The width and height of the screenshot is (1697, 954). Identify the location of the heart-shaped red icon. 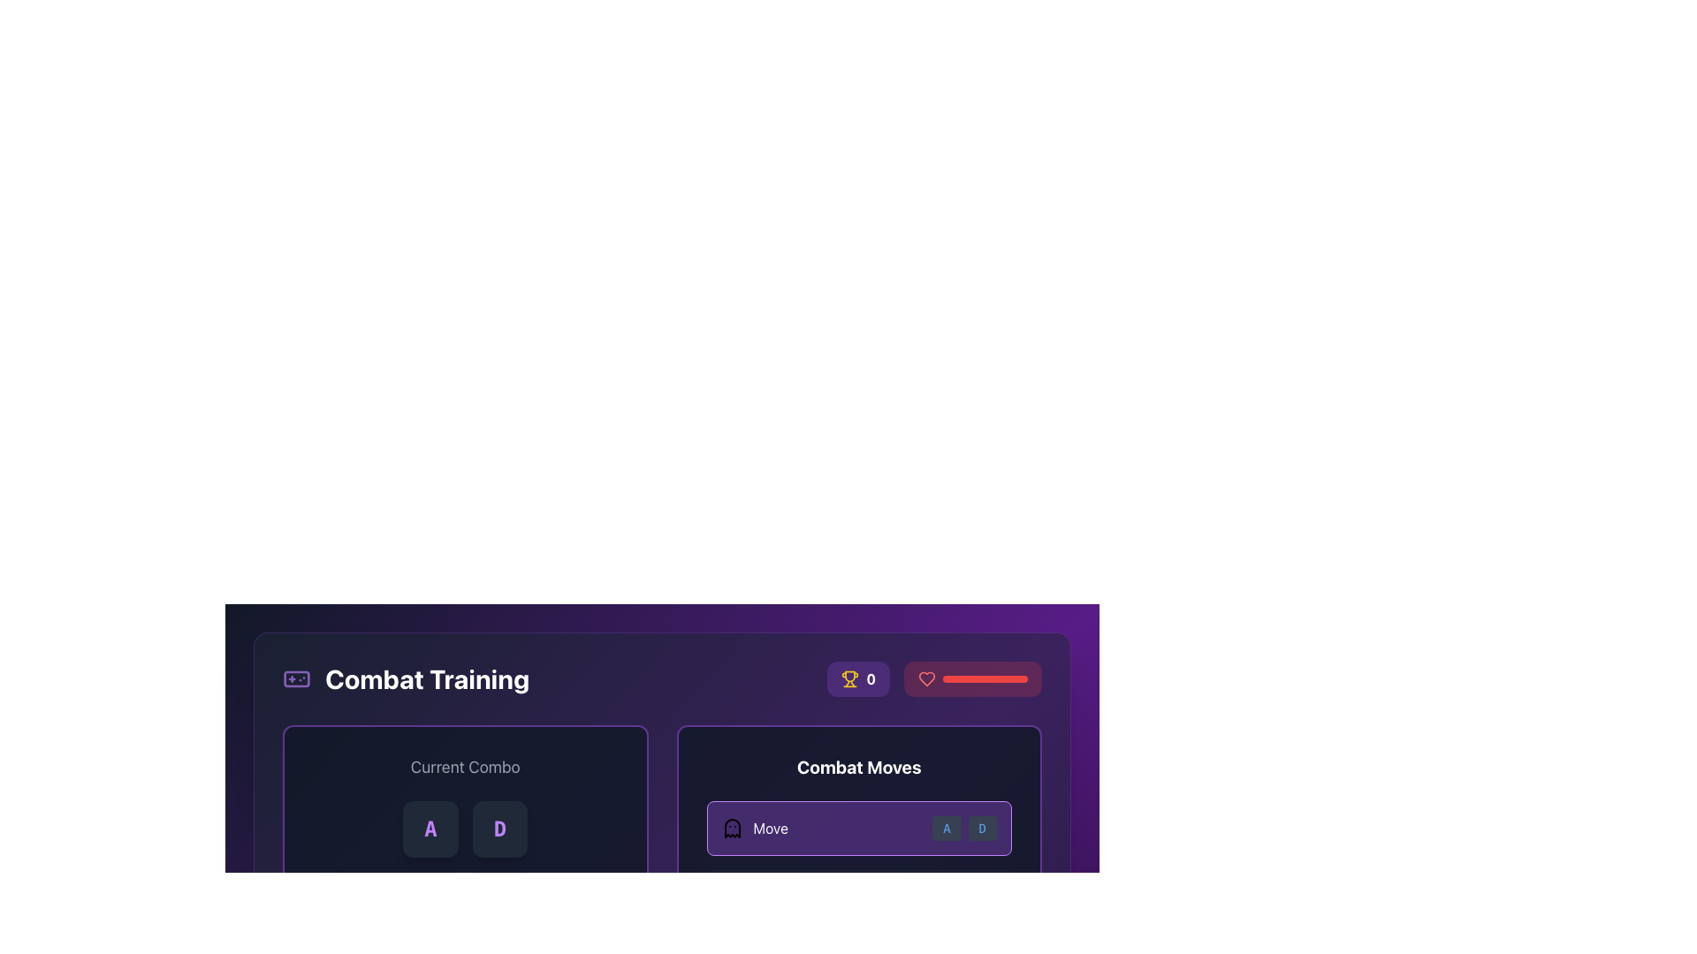
(926, 678).